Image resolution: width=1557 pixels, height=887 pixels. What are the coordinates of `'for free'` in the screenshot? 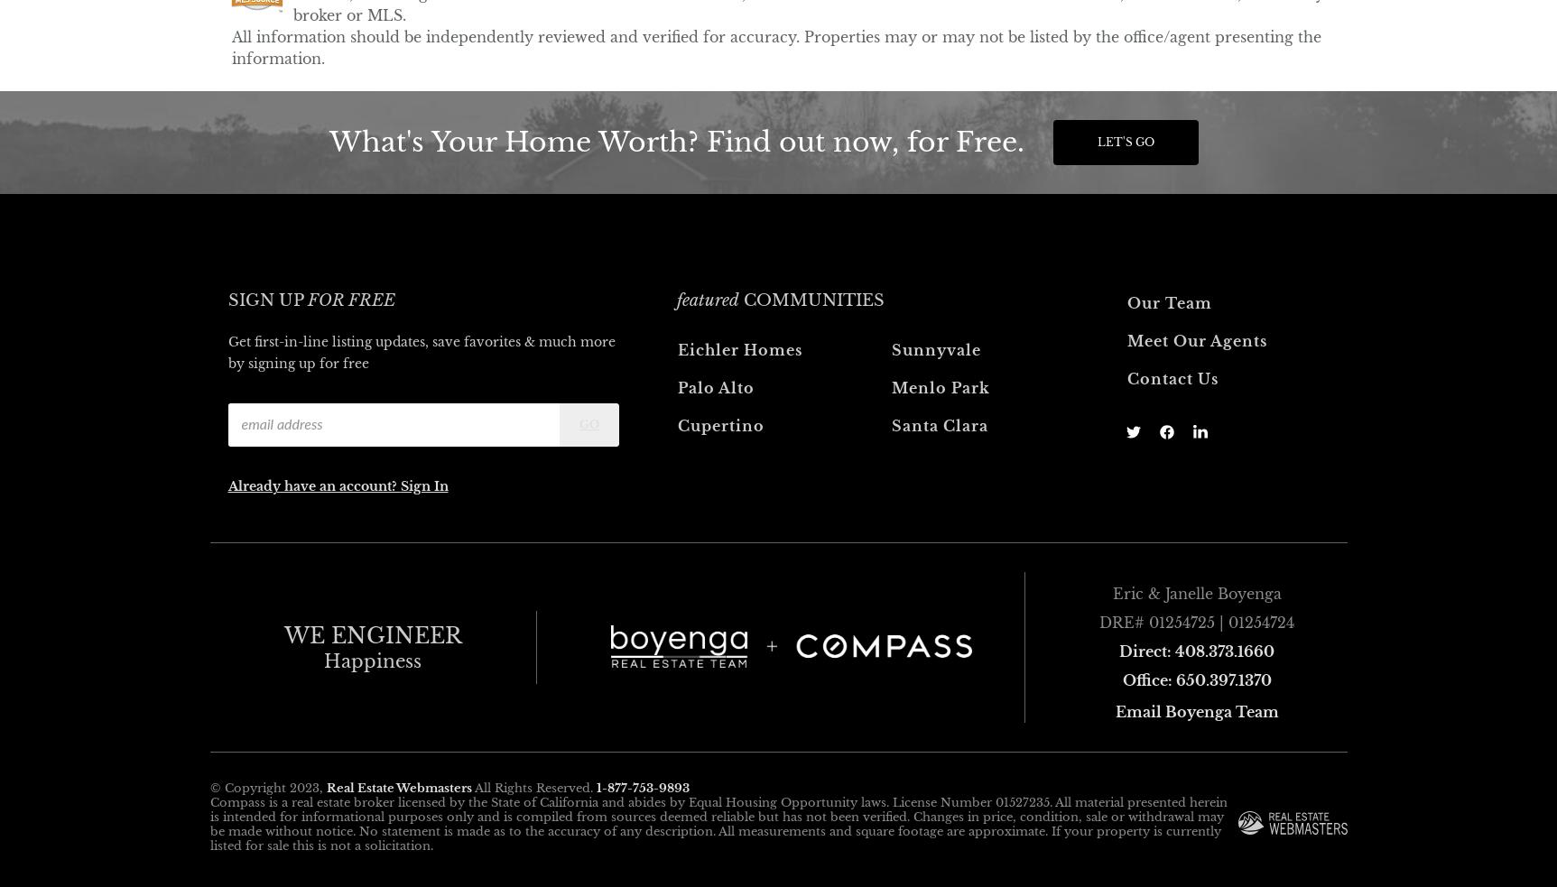 It's located at (350, 300).